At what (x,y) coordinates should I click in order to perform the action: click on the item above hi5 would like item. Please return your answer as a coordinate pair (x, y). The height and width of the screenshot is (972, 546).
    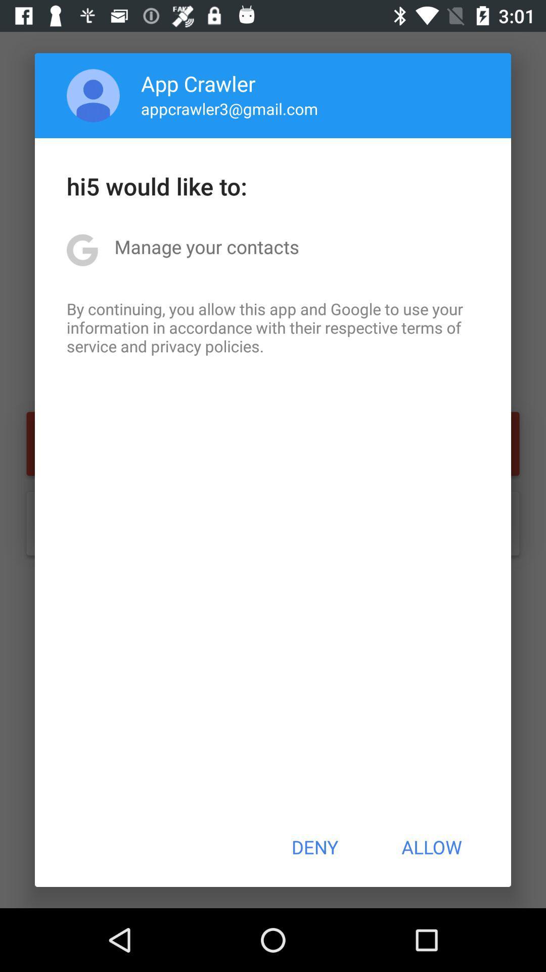
    Looking at the image, I should click on (230, 108).